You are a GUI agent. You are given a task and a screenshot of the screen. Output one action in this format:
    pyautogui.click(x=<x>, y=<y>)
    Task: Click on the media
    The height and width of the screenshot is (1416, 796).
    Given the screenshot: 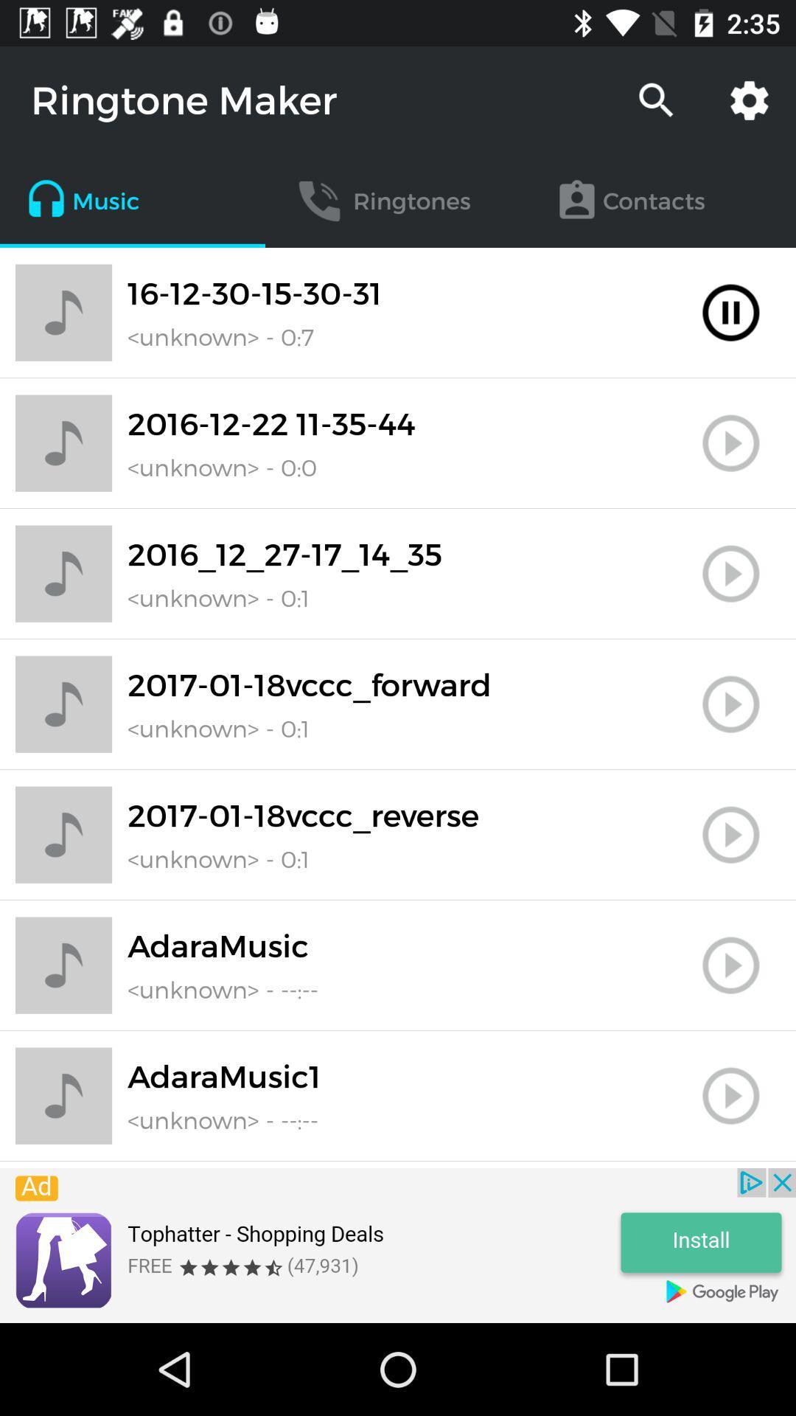 What is the action you would take?
    pyautogui.click(x=730, y=835)
    